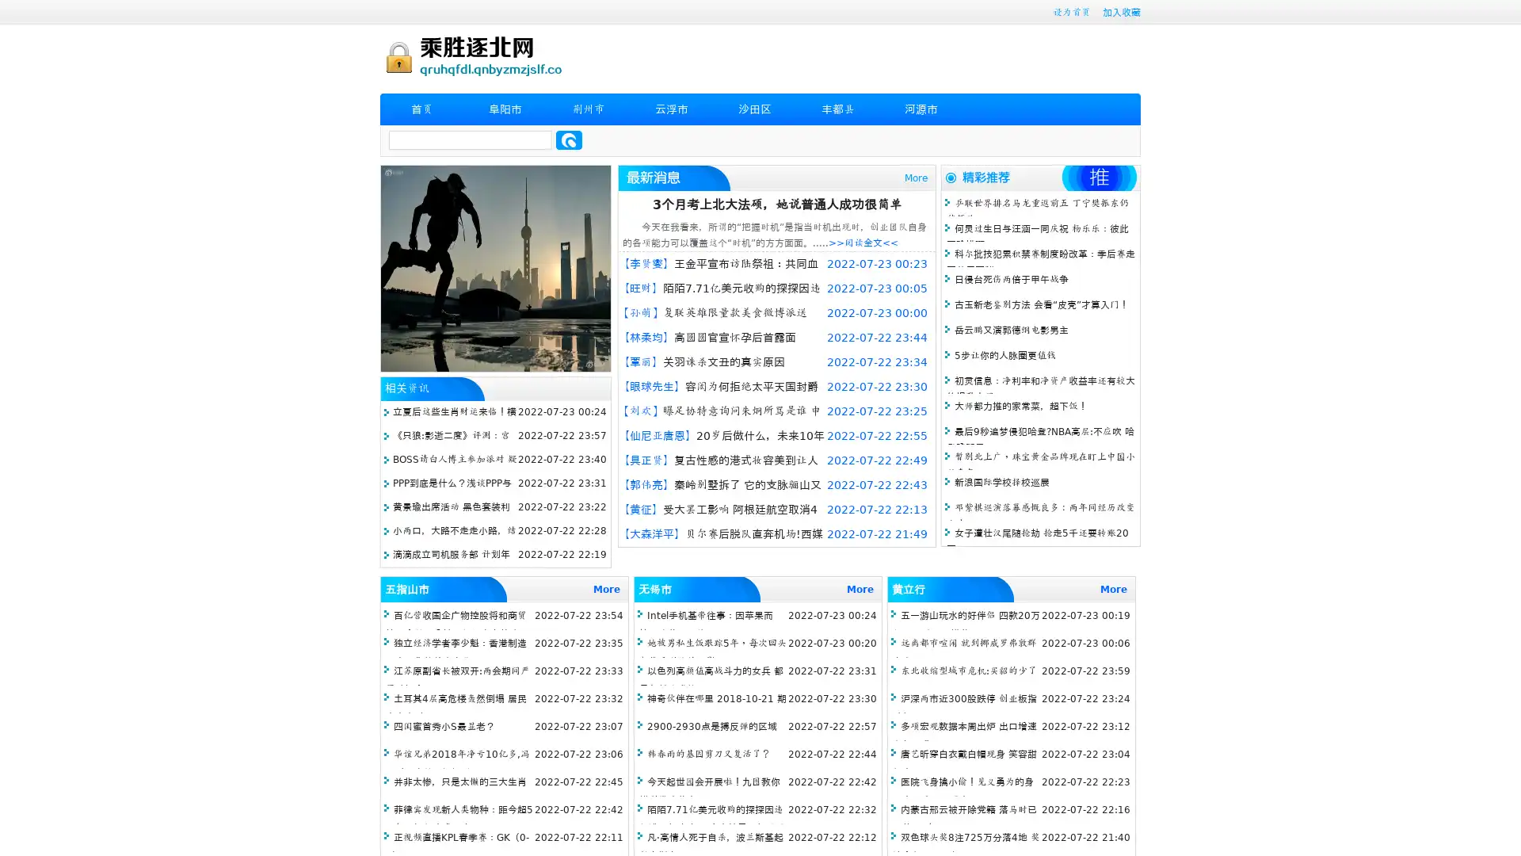  Describe the element at coordinates (569, 139) in the screenshot. I see `Search` at that location.